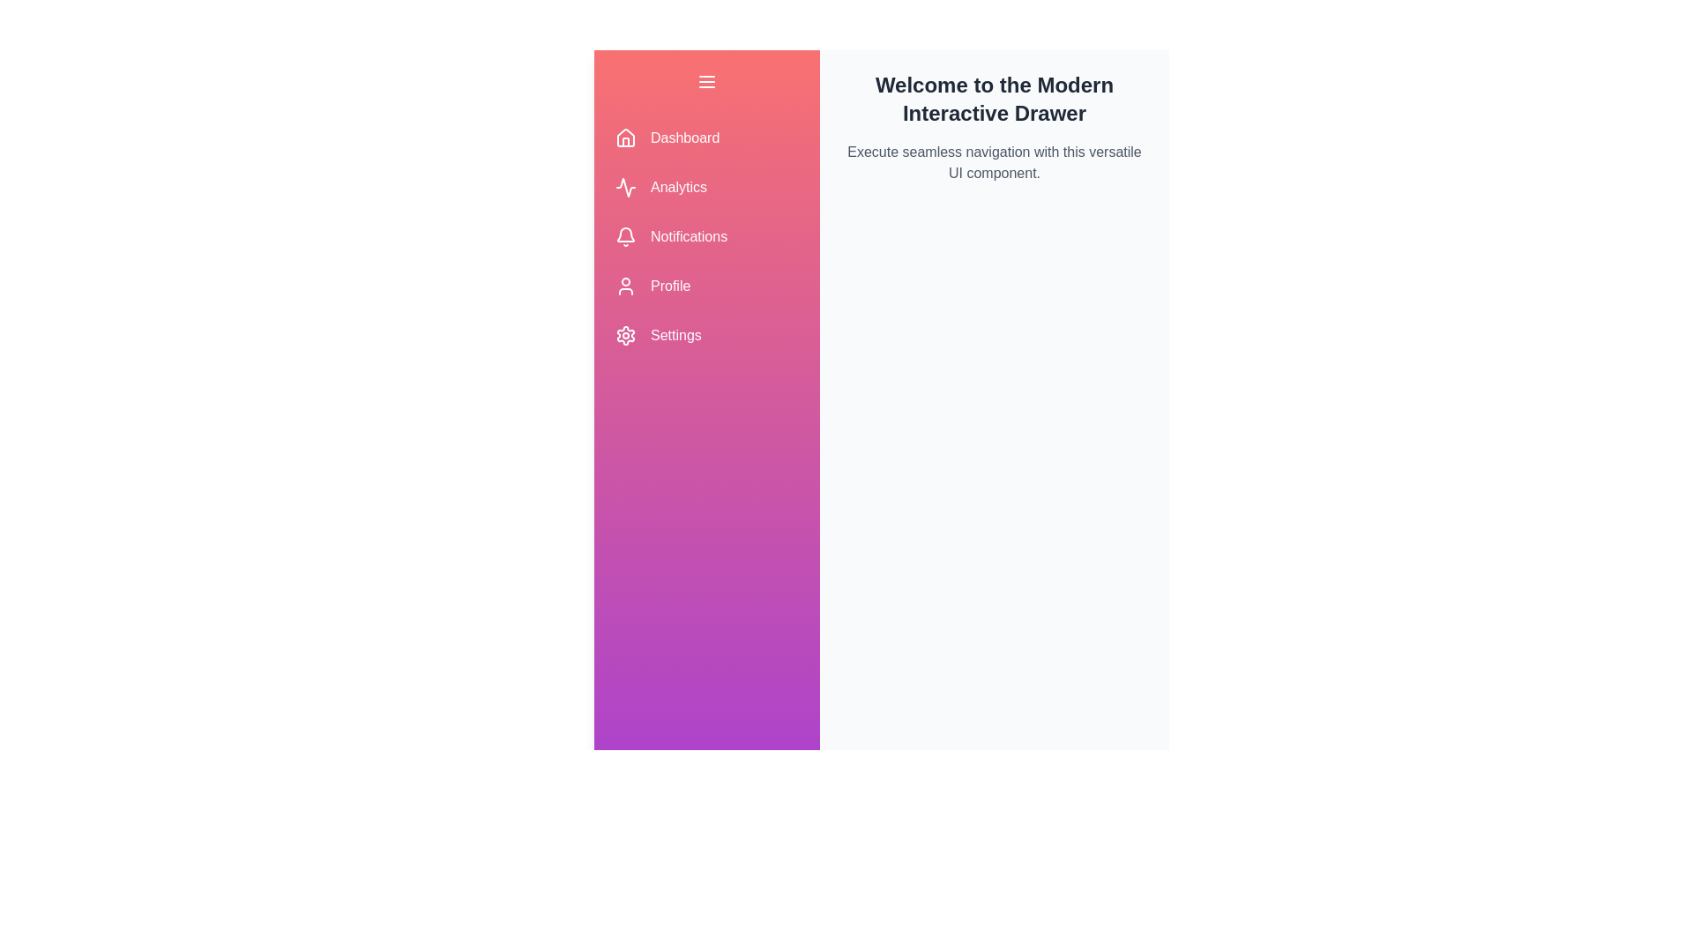  Describe the element at coordinates (706, 187) in the screenshot. I see `the navigation item labeled Analytics` at that location.